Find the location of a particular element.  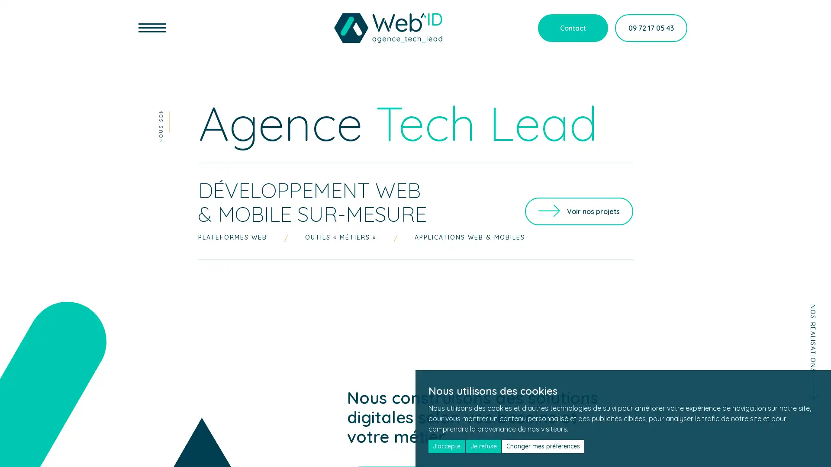

J'accepte is located at coordinates (447, 446).